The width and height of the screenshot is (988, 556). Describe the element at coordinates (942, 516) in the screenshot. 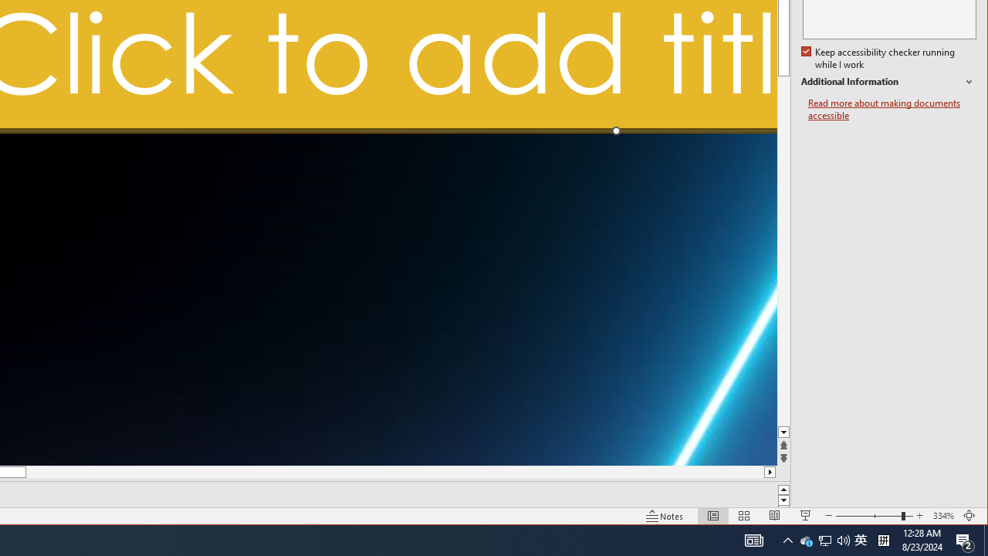

I see `'Zoom 334%'` at that location.